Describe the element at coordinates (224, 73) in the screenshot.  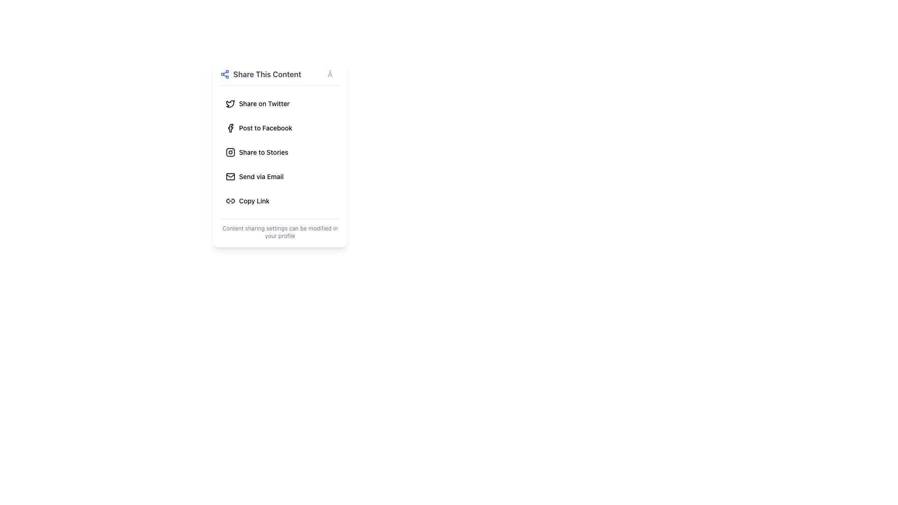
I see `the content sharing icon located on the left of the header bar labeled 'Share This Content'` at that location.